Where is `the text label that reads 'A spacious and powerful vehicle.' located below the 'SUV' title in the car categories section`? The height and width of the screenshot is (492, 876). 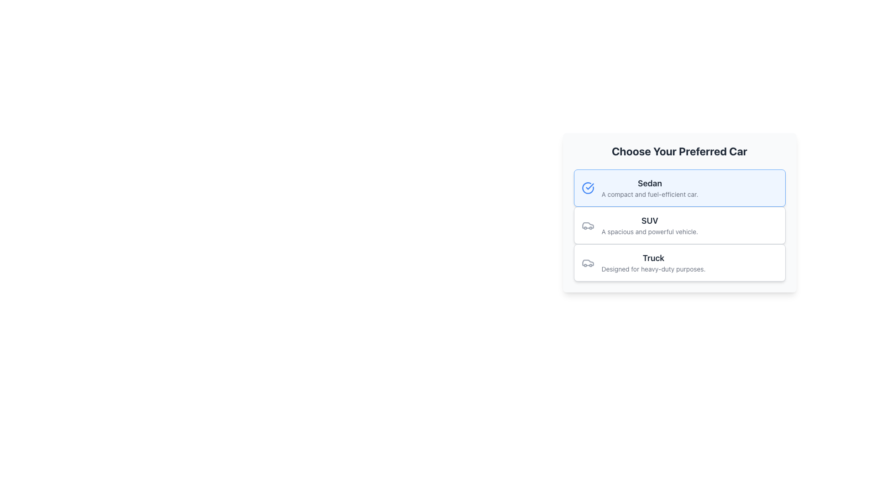 the text label that reads 'A spacious and powerful vehicle.' located below the 'SUV' title in the car categories section is located at coordinates (649, 231).